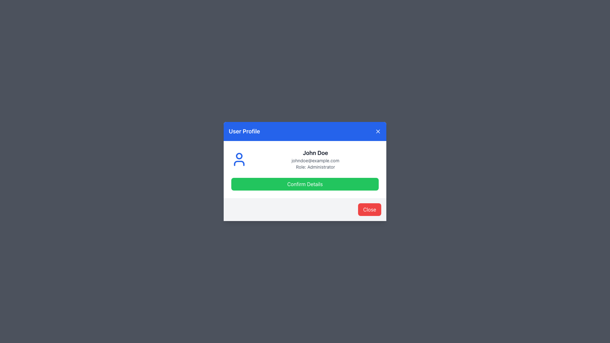 The width and height of the screenshot is (610, 343). Describe the element at coordinates (244, 131) in the screenshot. I see `the text label that serves as the title for the modal dialog, located in the top-left corner of the blue header section, left of the close button represented by an 'X' icon` at that location.